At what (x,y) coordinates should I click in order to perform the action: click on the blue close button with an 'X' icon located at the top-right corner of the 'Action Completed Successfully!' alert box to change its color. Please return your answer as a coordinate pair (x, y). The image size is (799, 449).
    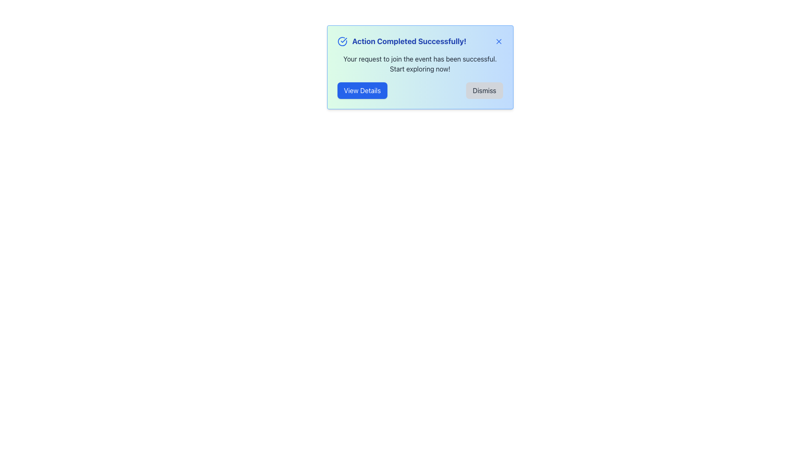
    Looking at the image, I should click on (499, 42).